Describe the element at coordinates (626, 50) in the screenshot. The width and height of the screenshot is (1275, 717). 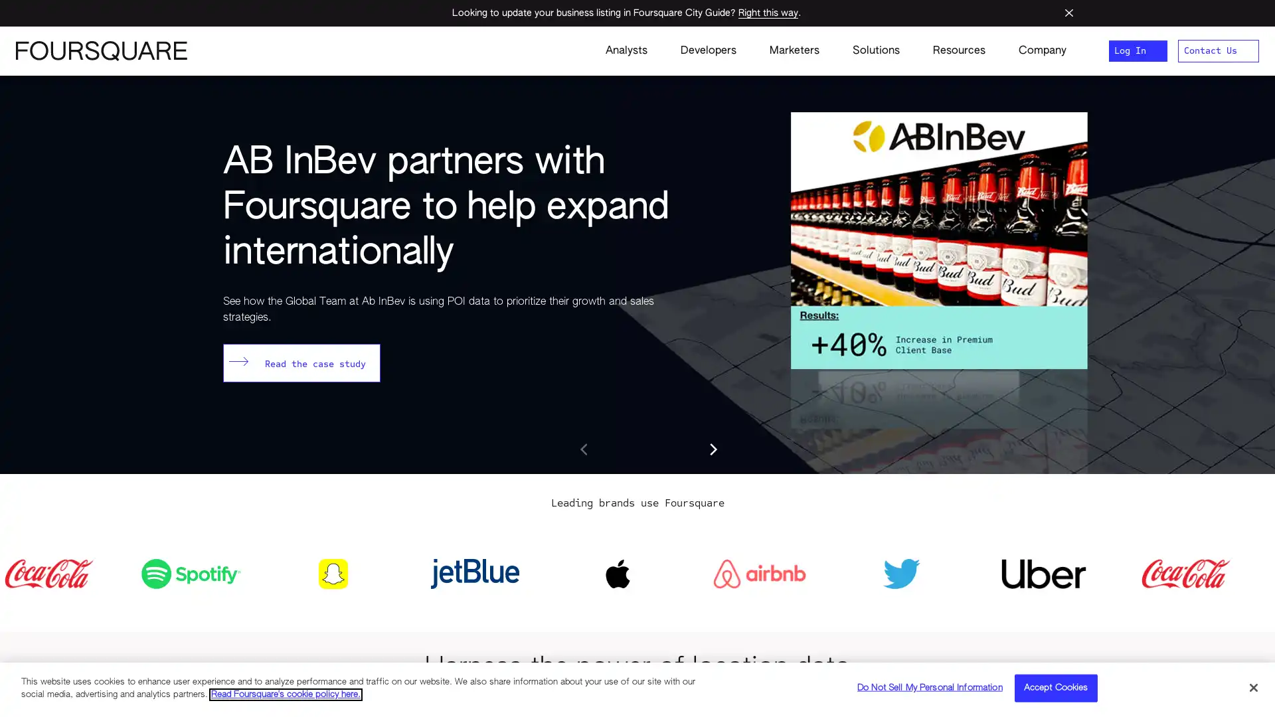
I see `Analysts` at that location.